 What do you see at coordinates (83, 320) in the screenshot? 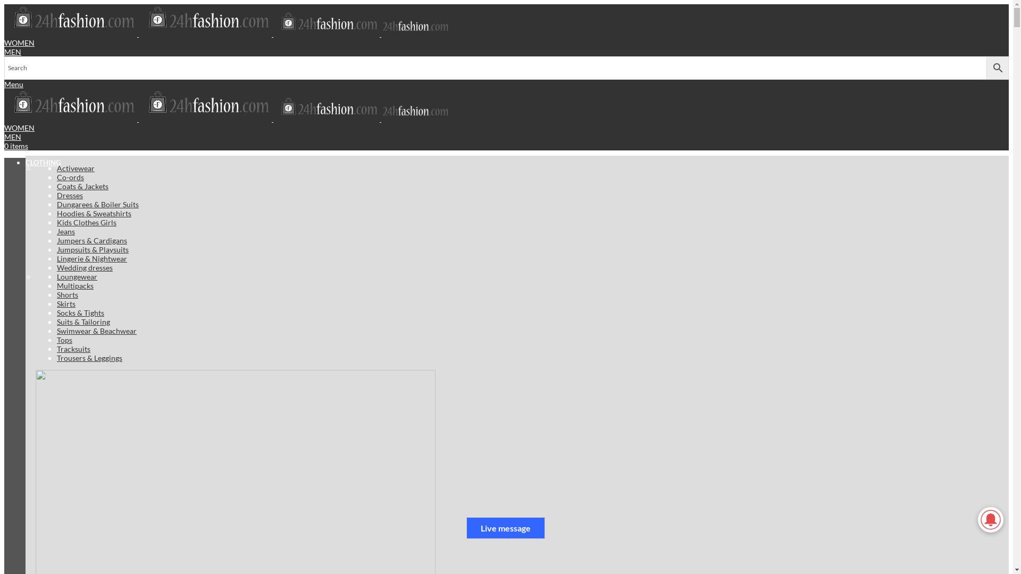
I see `'Suits & Tailoring'` at bounding box center [83, 320].